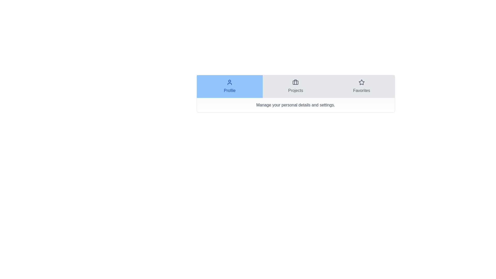  What do you see at coordinates (229, 86) in the screenshot?
I see `the tab Profile to display its content` at bounding box center [229, 86].